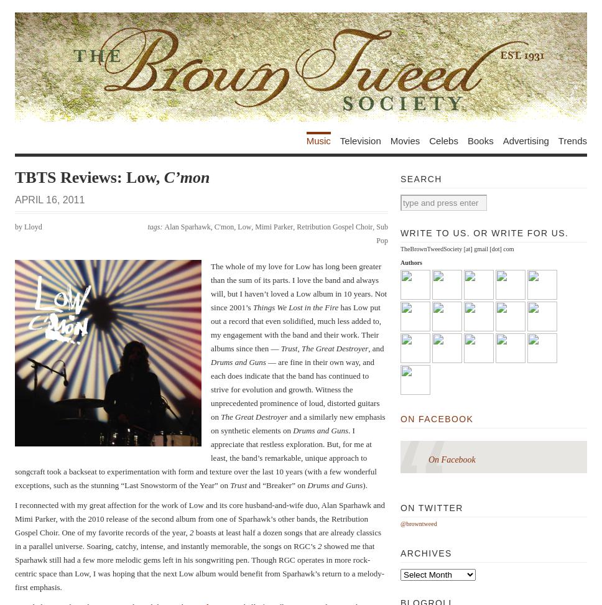 This screenshot has height=605, width=602. I want to click on 'Sub Pop', so click(381, 232).